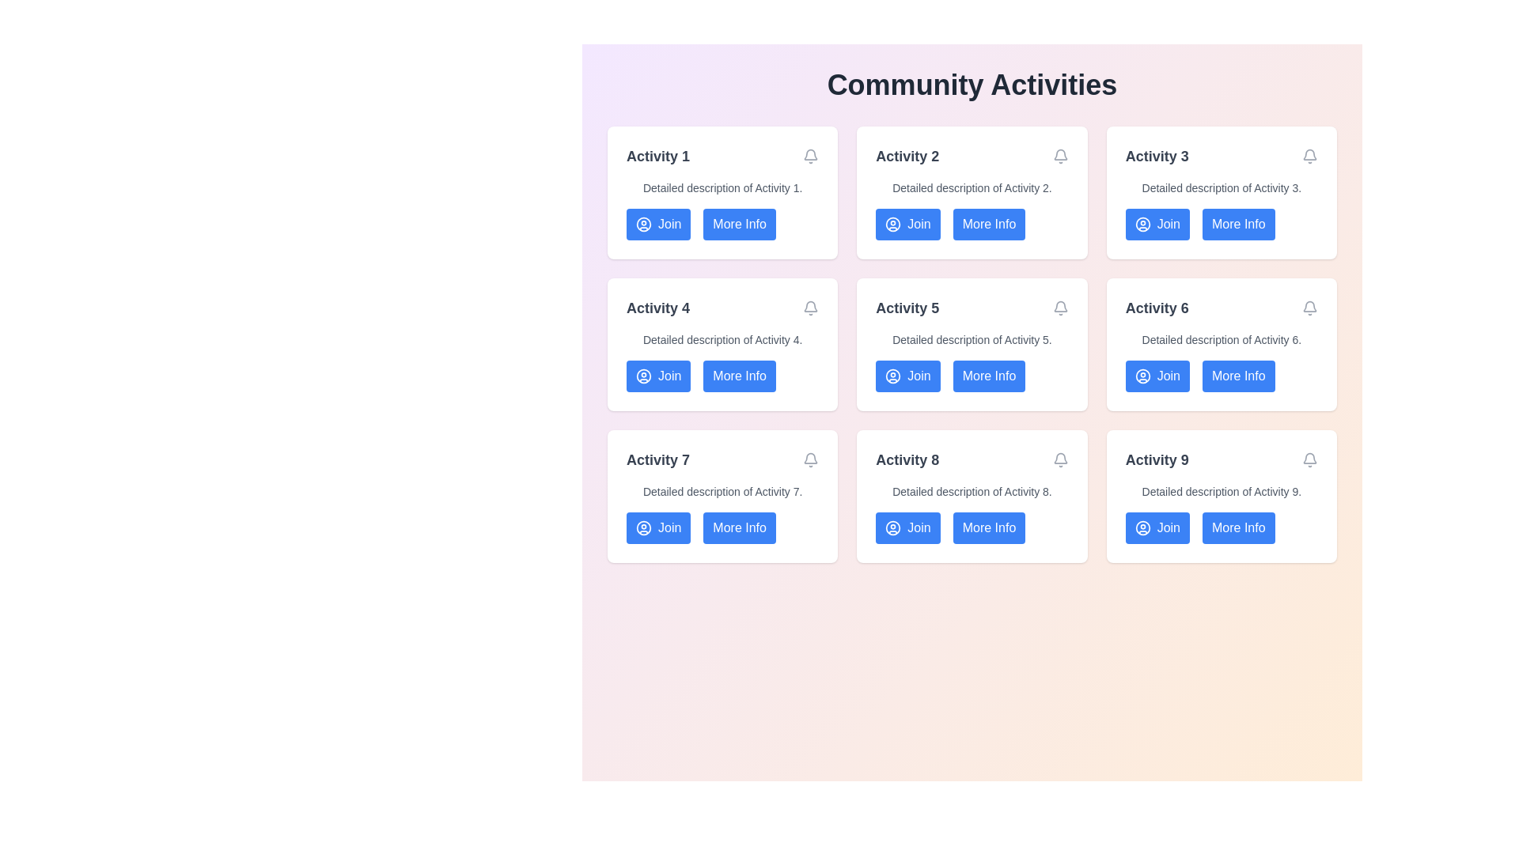  What do you see at coordinates (988, 527) in the screenshot?
I see `the second button under the section titled 'Activity 8' located in the bottom right cell of a 3x3 grid of activity cards` at bounding box center [988, 527].